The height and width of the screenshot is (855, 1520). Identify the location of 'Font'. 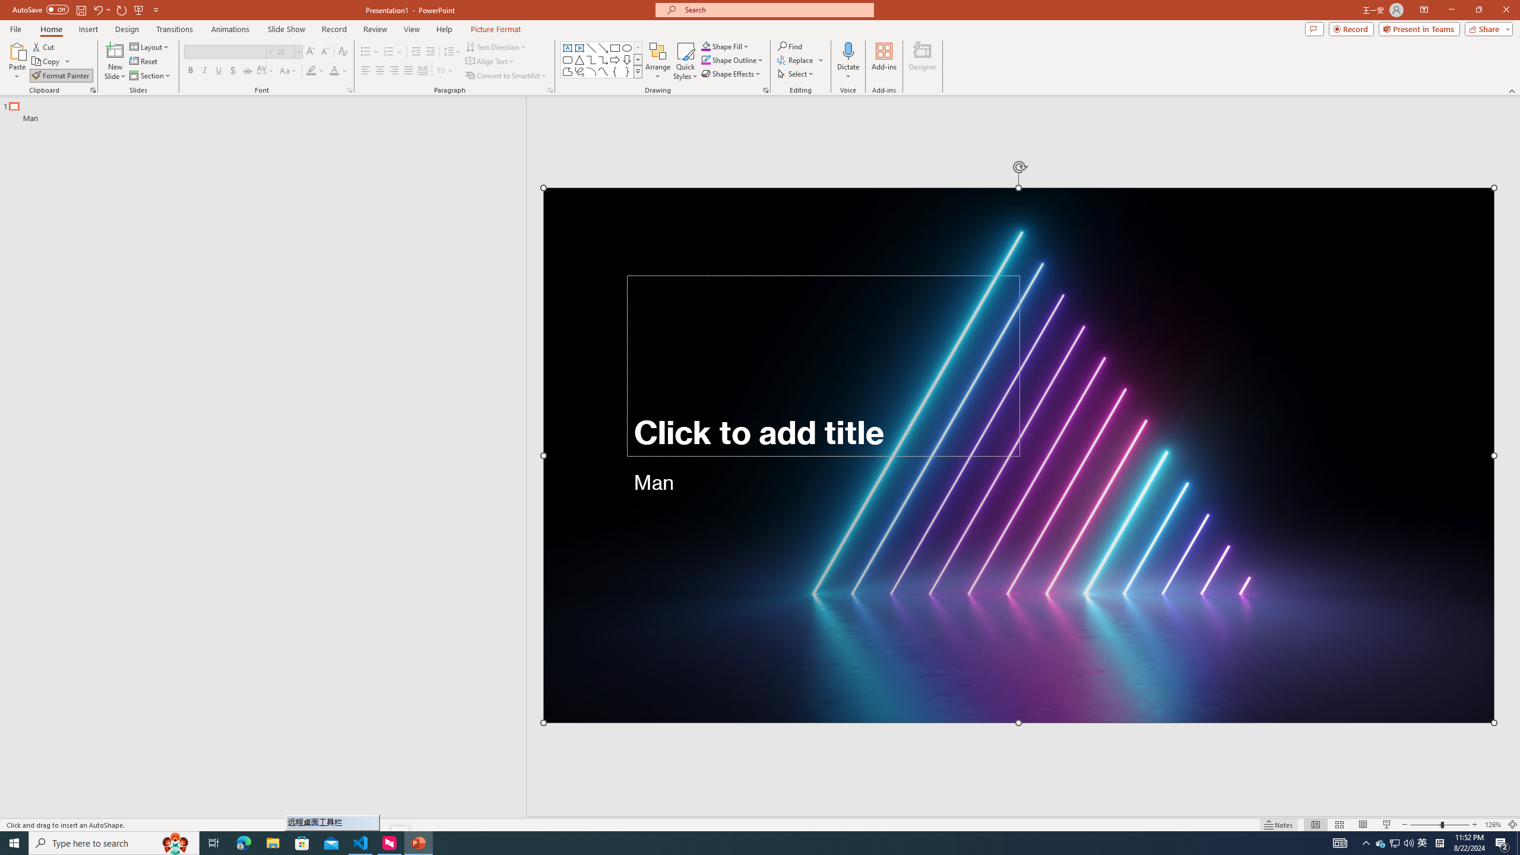
(224, 52).